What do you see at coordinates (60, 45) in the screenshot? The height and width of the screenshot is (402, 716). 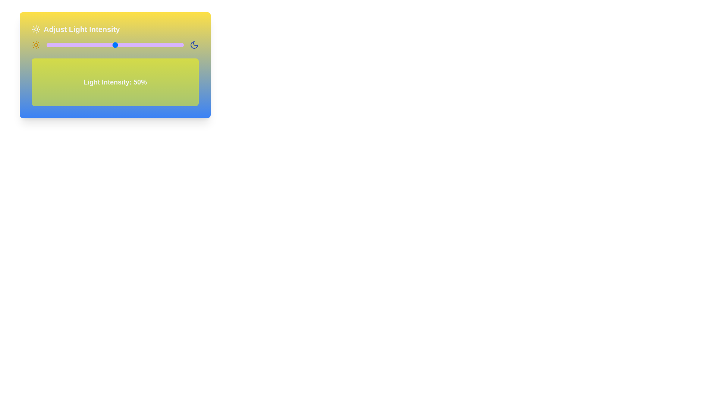 I see `the light intensity slider to 10%` at bounding box center [60, 45].